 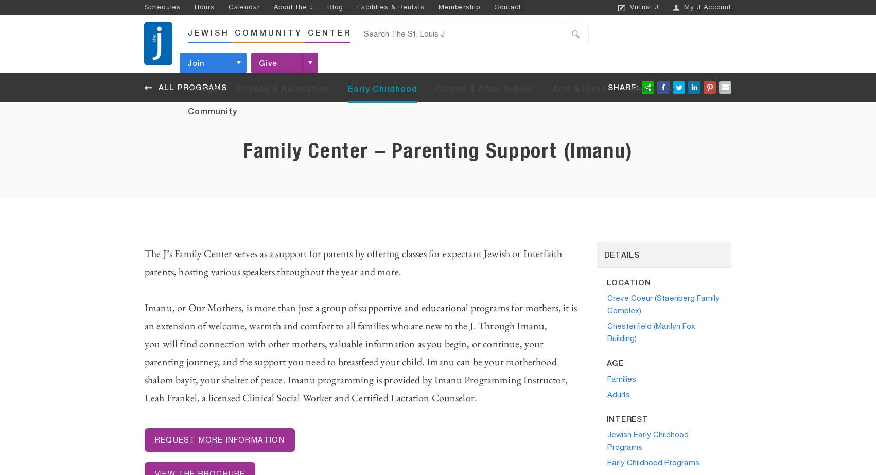 What do you see at coordinates (382, 89) in the screenshot?
I see `'Early Childhood'` at bounding box center [382, 89].